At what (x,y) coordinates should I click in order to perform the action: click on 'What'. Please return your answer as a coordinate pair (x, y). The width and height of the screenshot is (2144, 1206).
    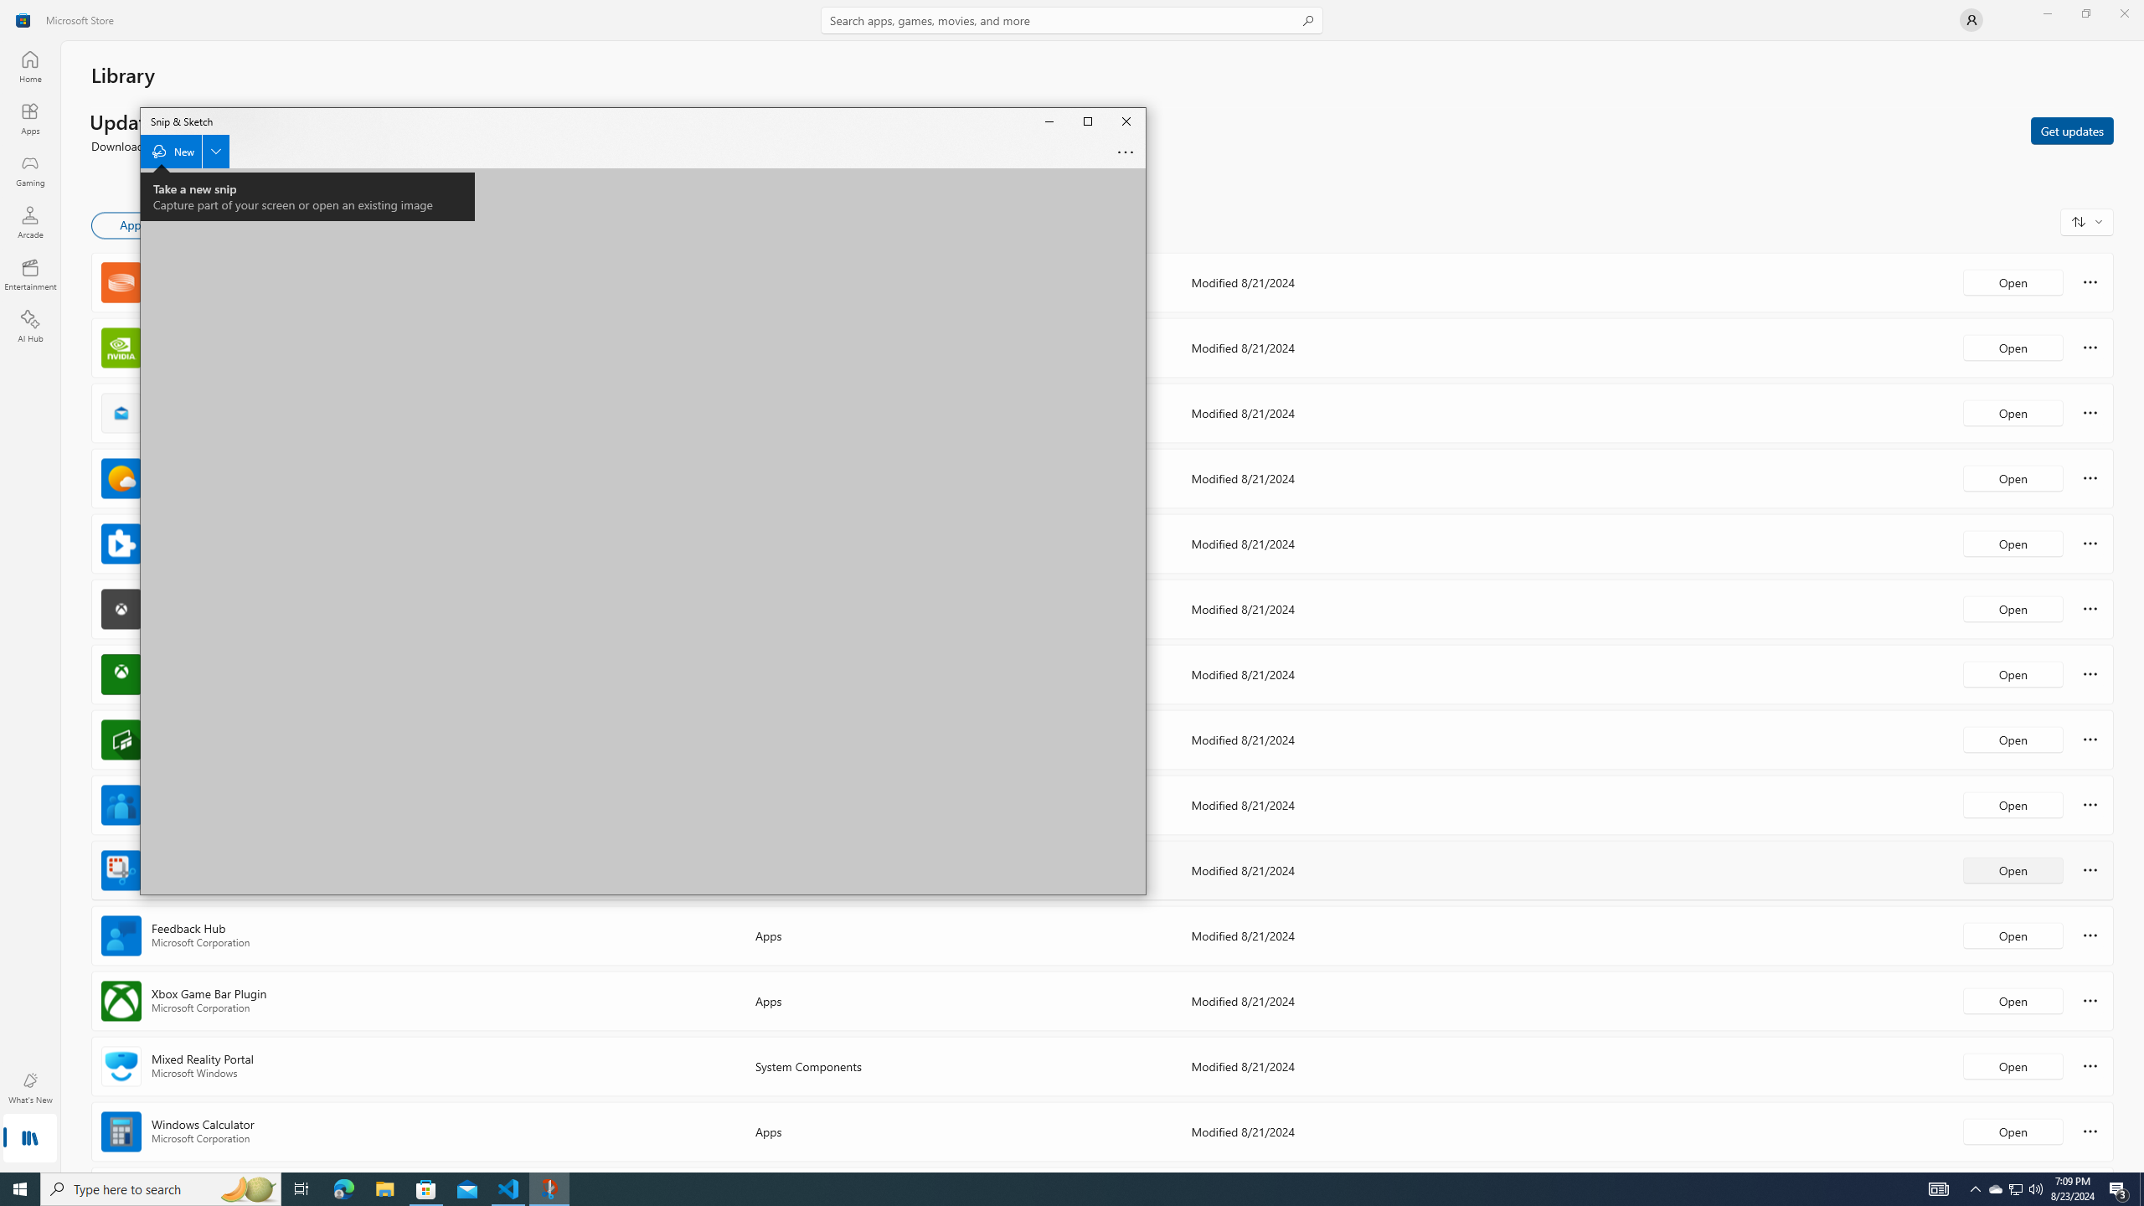
    Looking at the image, I should click on (28, 1087).